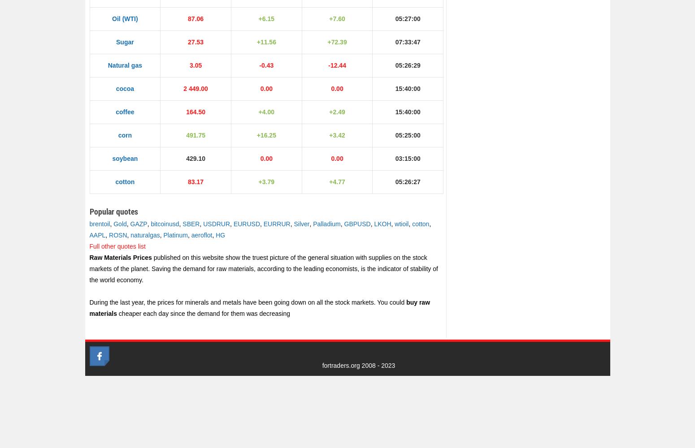 Image resolution: width=695 pixels, height=448 pixels. I want to click on 'SBER', so click(191, 224).